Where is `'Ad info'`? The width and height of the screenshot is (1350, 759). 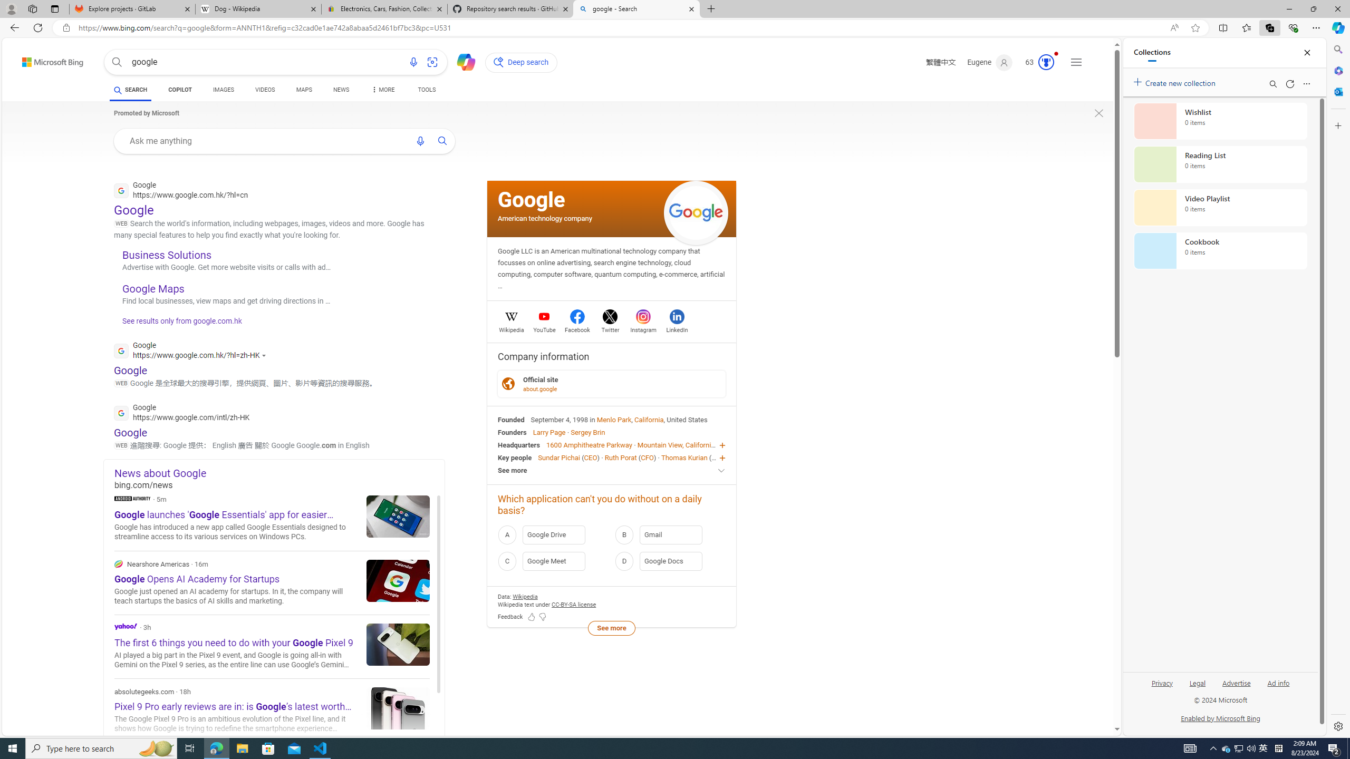 'Ad info' is located at coordinates (1278, 682).